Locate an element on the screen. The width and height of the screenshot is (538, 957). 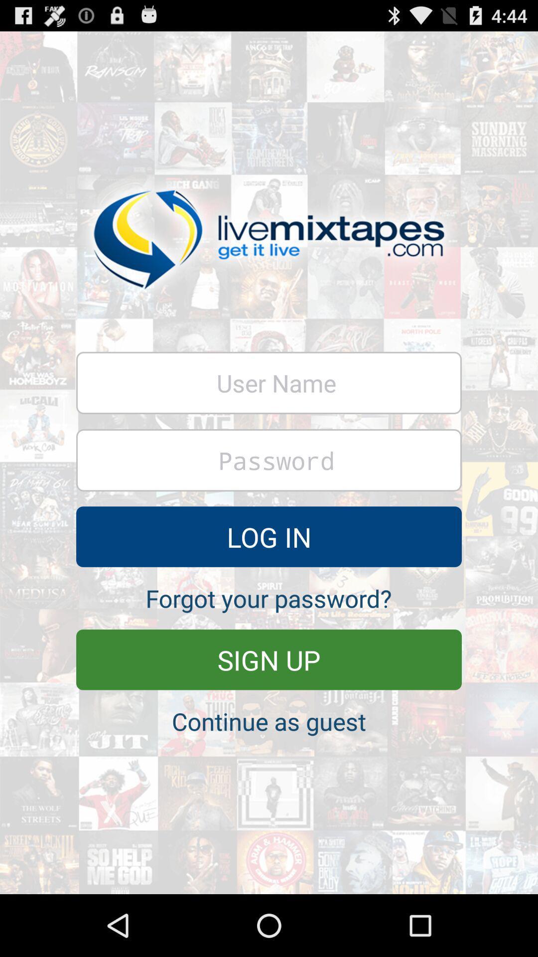
user name is located at coordinates (269, 382).